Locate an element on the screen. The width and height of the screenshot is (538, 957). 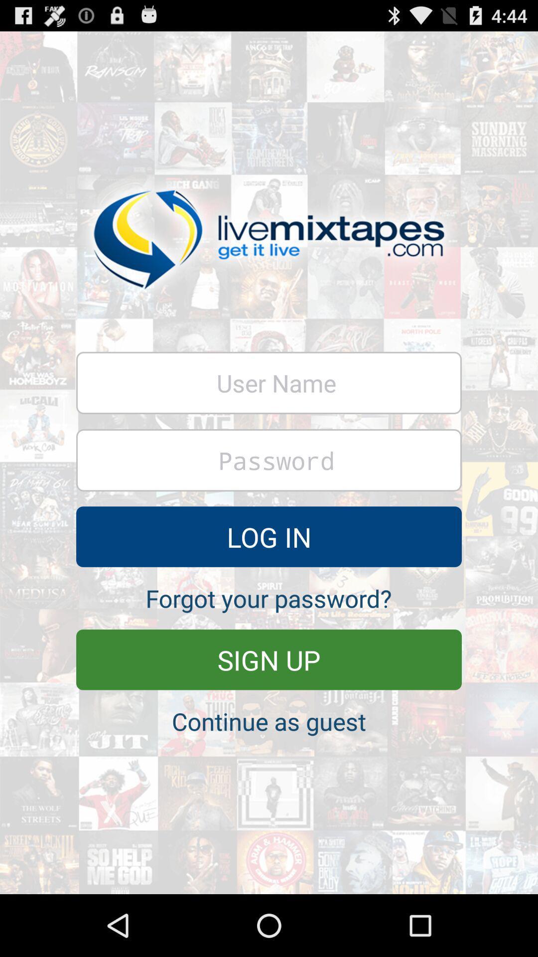
user name is located at coordinates (269, 382).